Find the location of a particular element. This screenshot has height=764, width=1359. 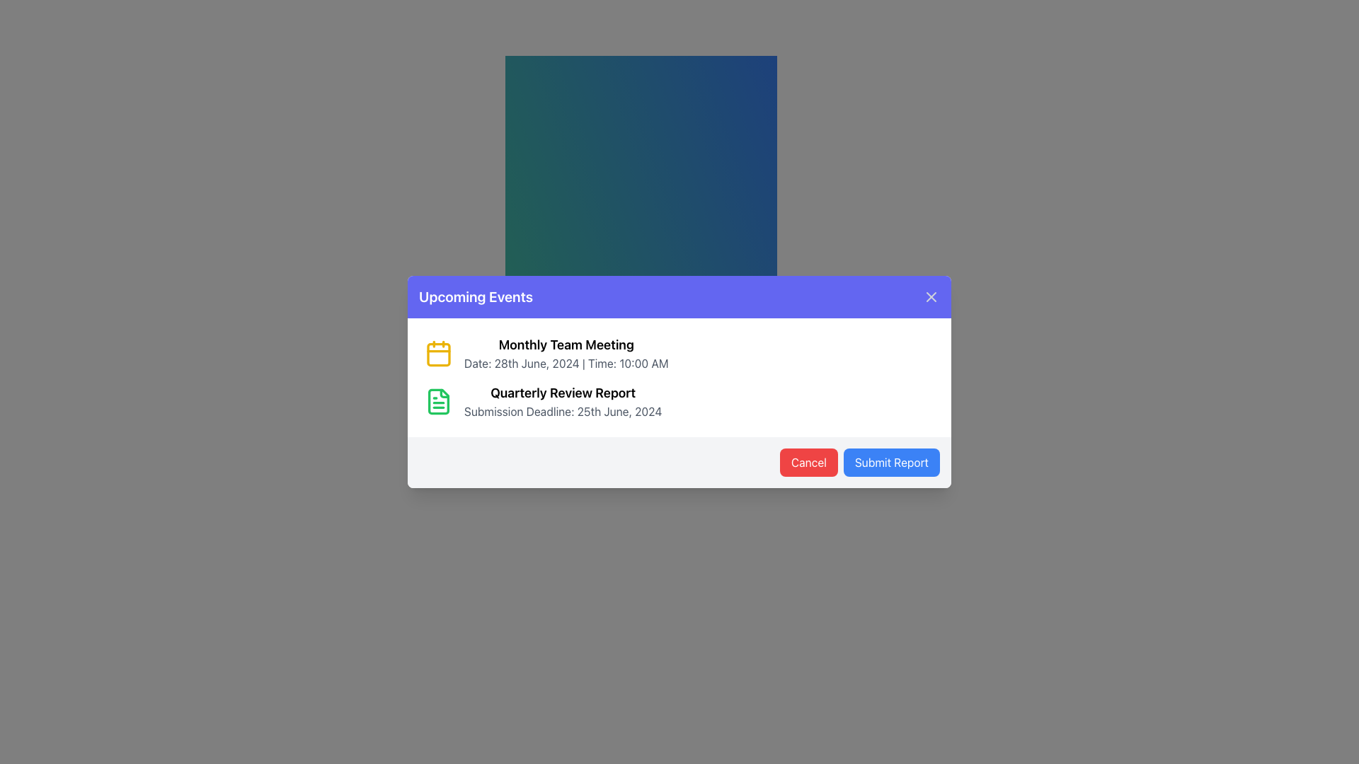

the close button located in the top-right corner of the 'Upcoming Events' header is located at coordinates (931, 296).